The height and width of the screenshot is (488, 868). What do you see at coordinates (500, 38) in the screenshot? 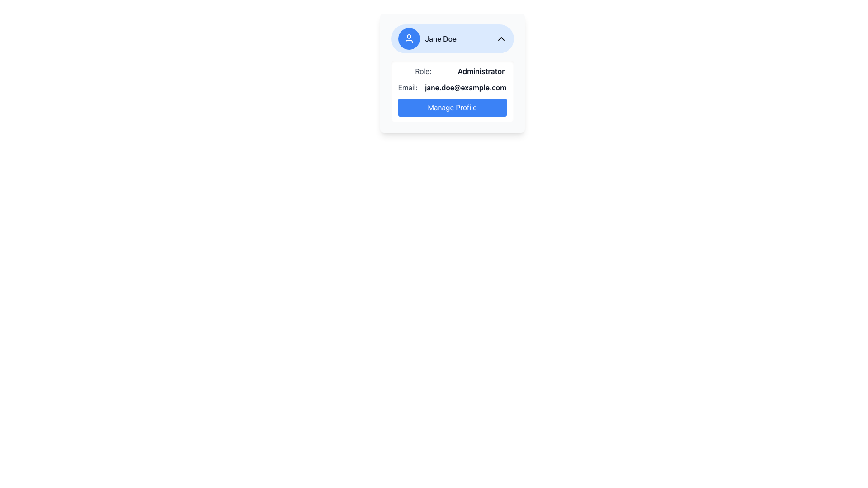
I see `the clickable chevron up icon located in the top-right corner of the profile section featuring 'Jane Doe'` at bounding box center [500, 38].